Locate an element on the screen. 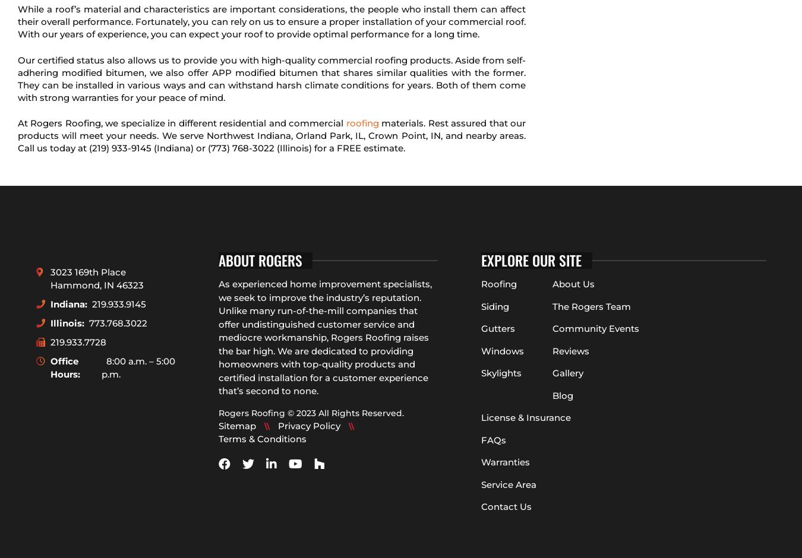  'About Us' is located at coordinates (573, 284).